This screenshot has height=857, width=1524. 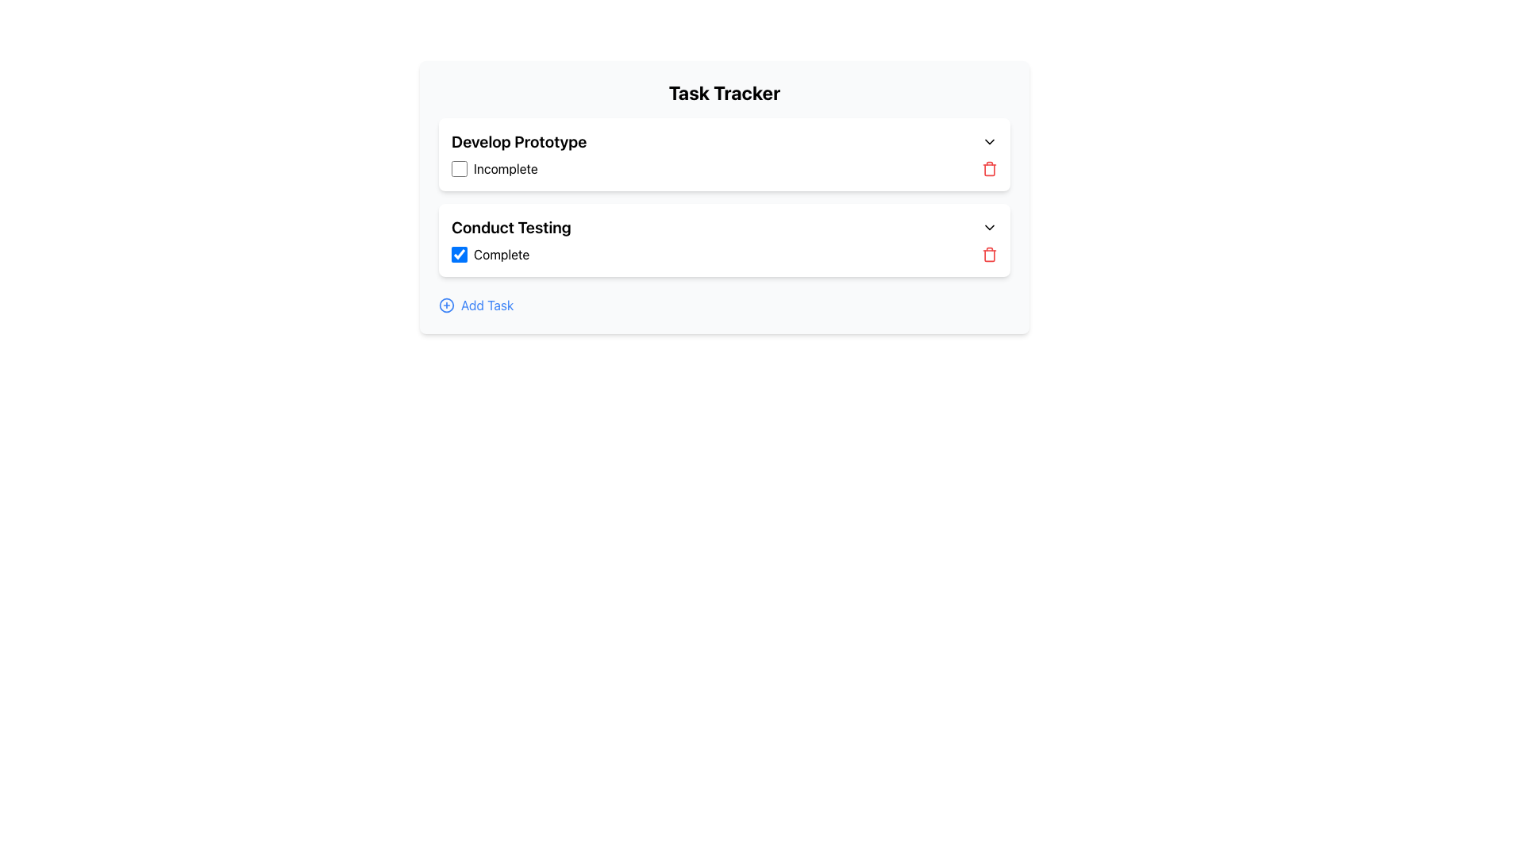 I want to click on the checkbox indicating a checked state with a blue background and white checkmark icon, located in the 'Conduct Testing' task entry, left of the 'Complete' label, so click(x=459, y=253).